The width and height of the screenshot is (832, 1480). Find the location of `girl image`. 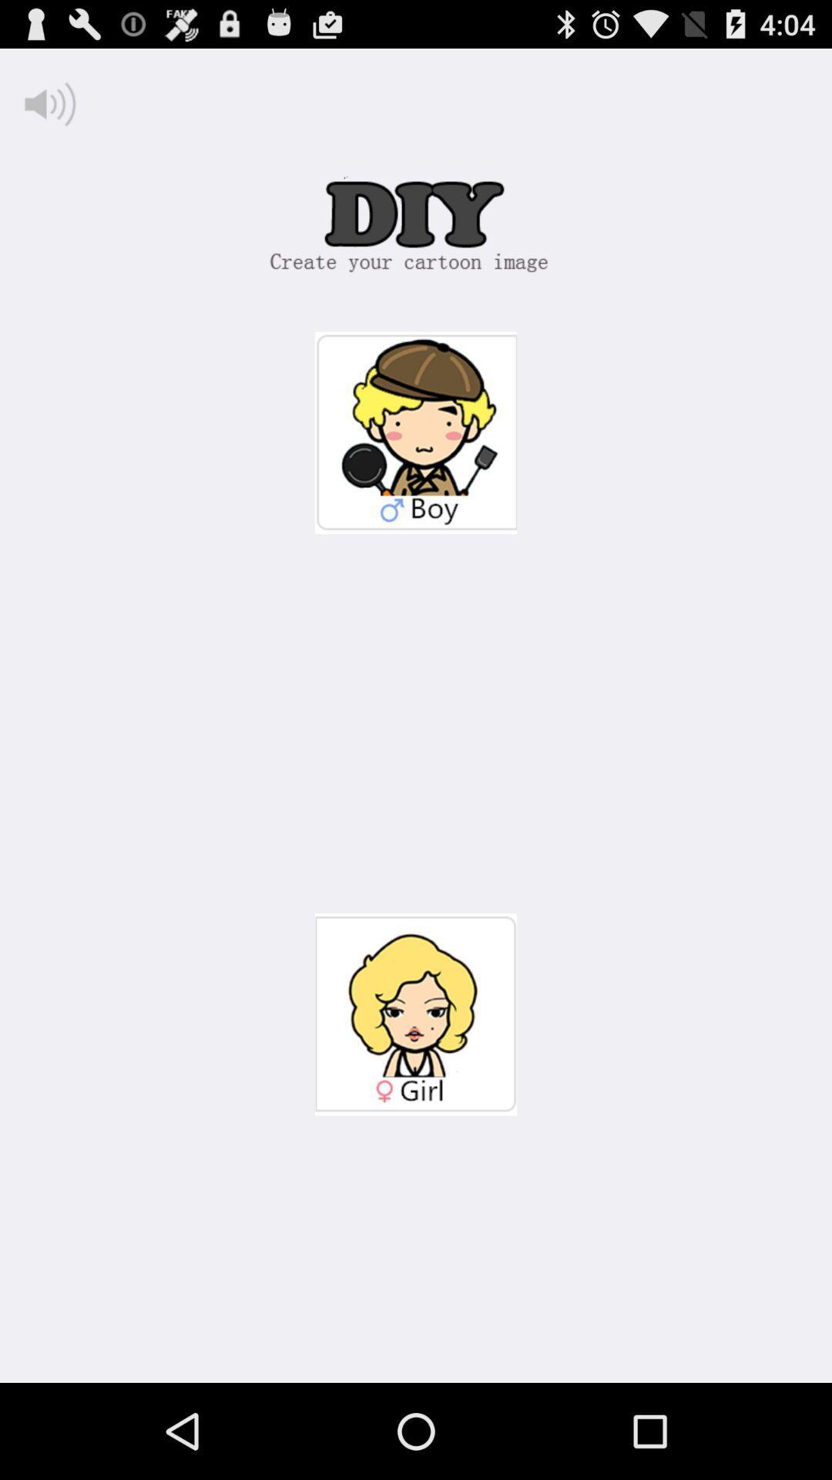

girl image is located at coordinates (416, 1014).